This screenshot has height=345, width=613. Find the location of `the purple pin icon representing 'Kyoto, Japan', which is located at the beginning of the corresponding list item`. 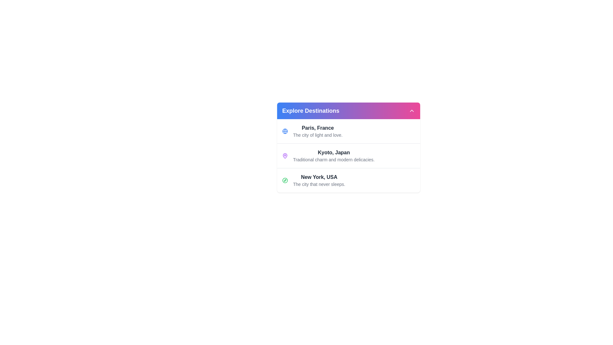

the purple pin icon representing 'Kyoto, Japan', which is located at the beginning of the corresponding list item is located at coordinates (284, 156).